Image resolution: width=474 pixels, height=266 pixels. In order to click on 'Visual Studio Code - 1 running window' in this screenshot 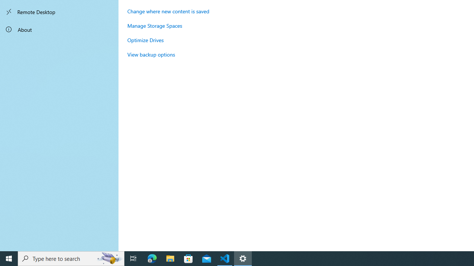, I will do `click(224, 258)`.